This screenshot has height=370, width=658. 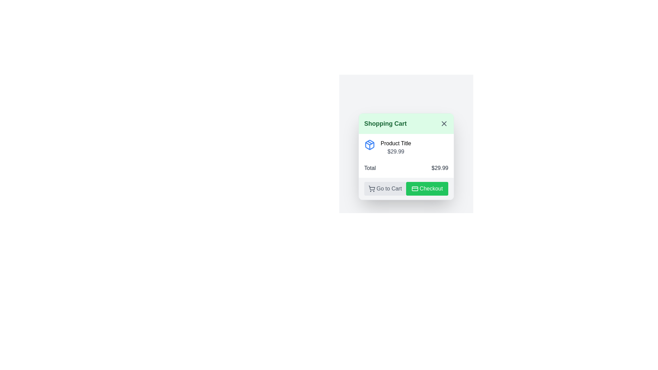 I want to click on the icon representing a package or box in the shopping cart interface, located in the left-hand section near the top of the product details section, so click(x=369, y=145).